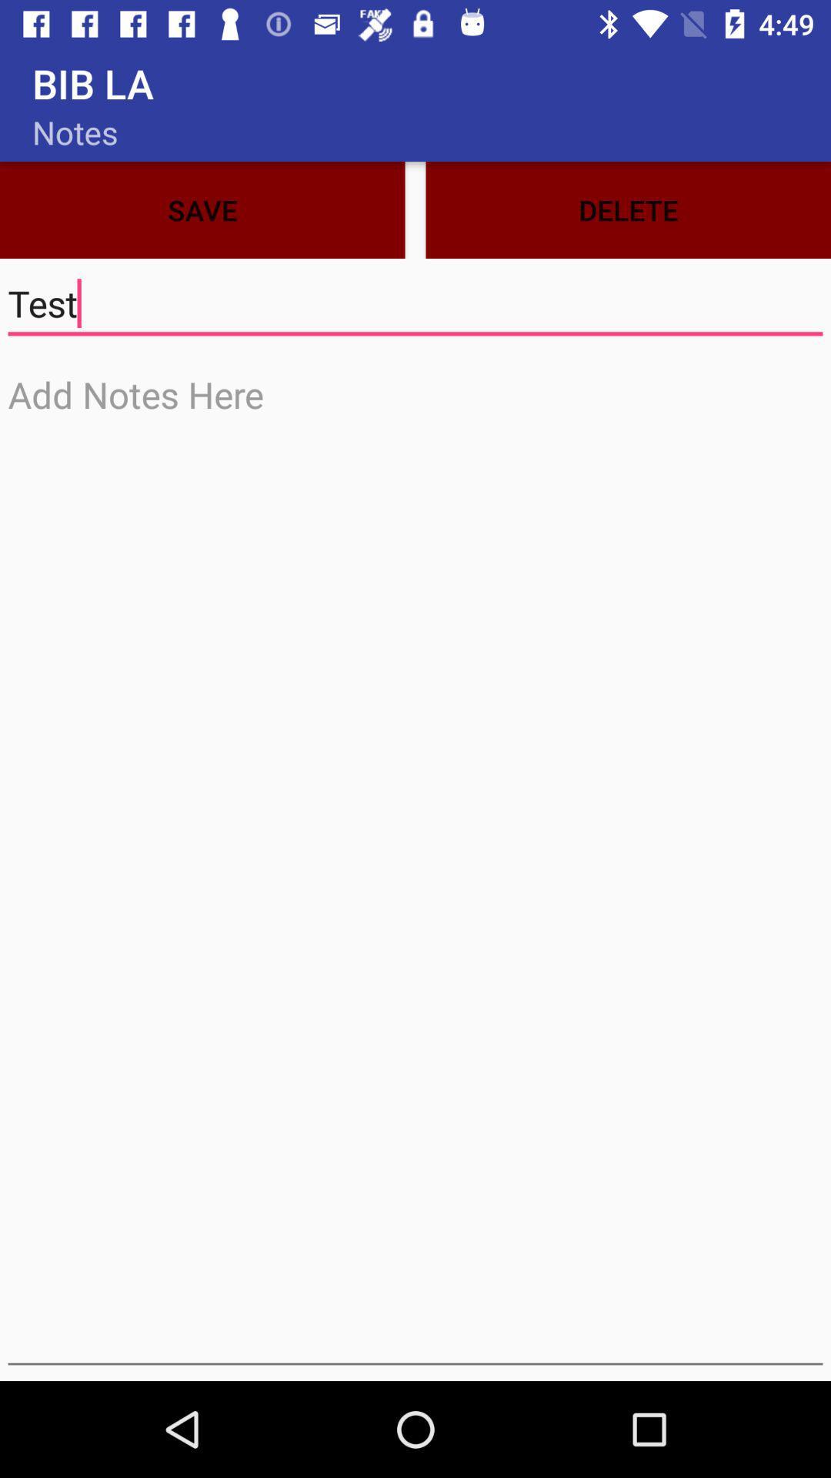 This screenshot has width=831, height=1478. What do you see at coordinates (202, 209) in the screenshot?
I see `item to the left of delete` at bounding box center [202, 209].